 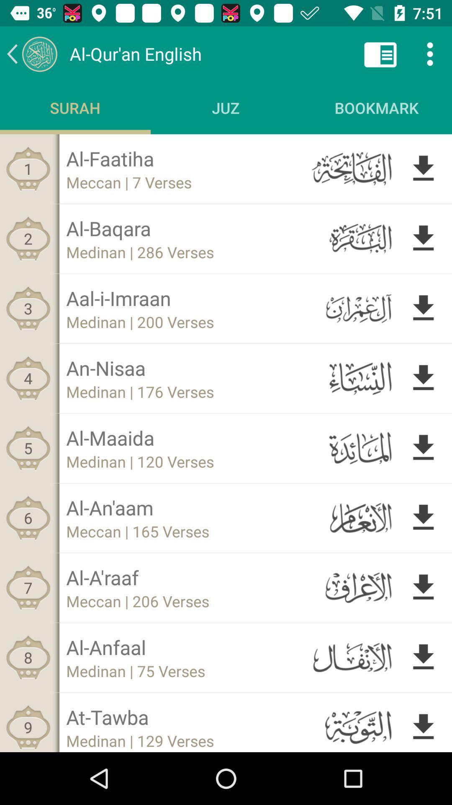 What do you see at coordinates (423, 447) in the screenshot?
I see `download` at bounding box center [423, 447].